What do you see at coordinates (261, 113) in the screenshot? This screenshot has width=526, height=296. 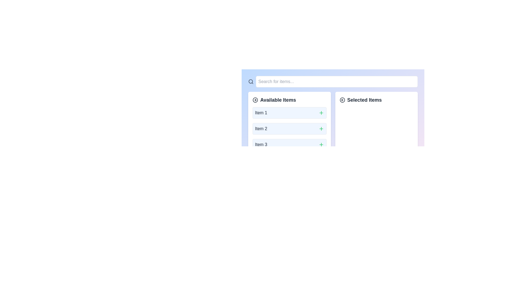 I see `label 'Item 1' located at the top of the left column titled 'Available Items' to gather details about the item` at bounding box center [261, 113].